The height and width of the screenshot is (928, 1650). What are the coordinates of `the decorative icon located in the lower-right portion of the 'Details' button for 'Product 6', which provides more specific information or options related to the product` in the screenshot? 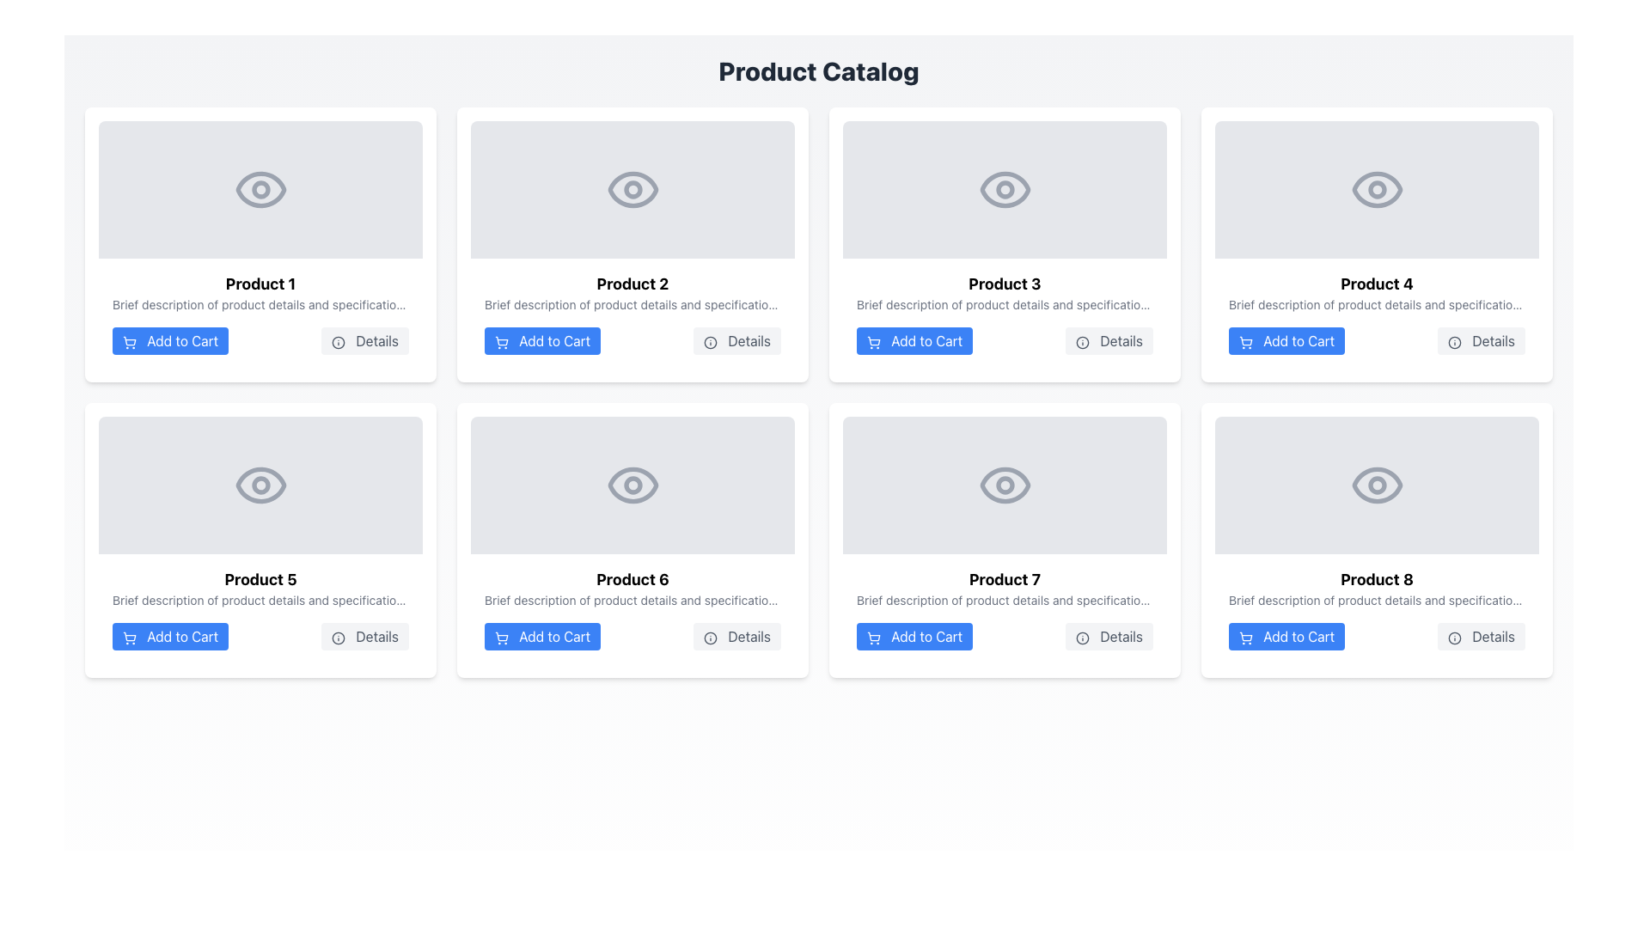 It's located at (711, 638).